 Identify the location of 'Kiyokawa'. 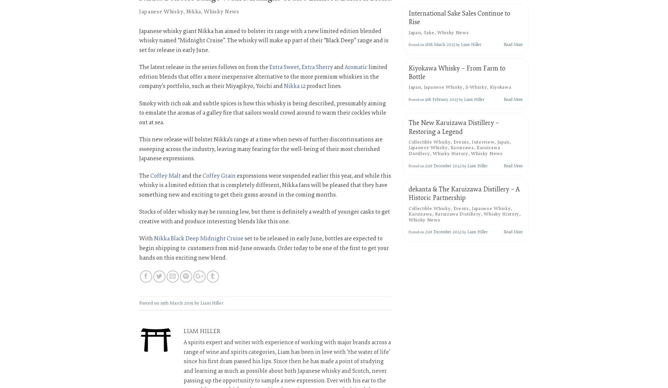
(500, 87).